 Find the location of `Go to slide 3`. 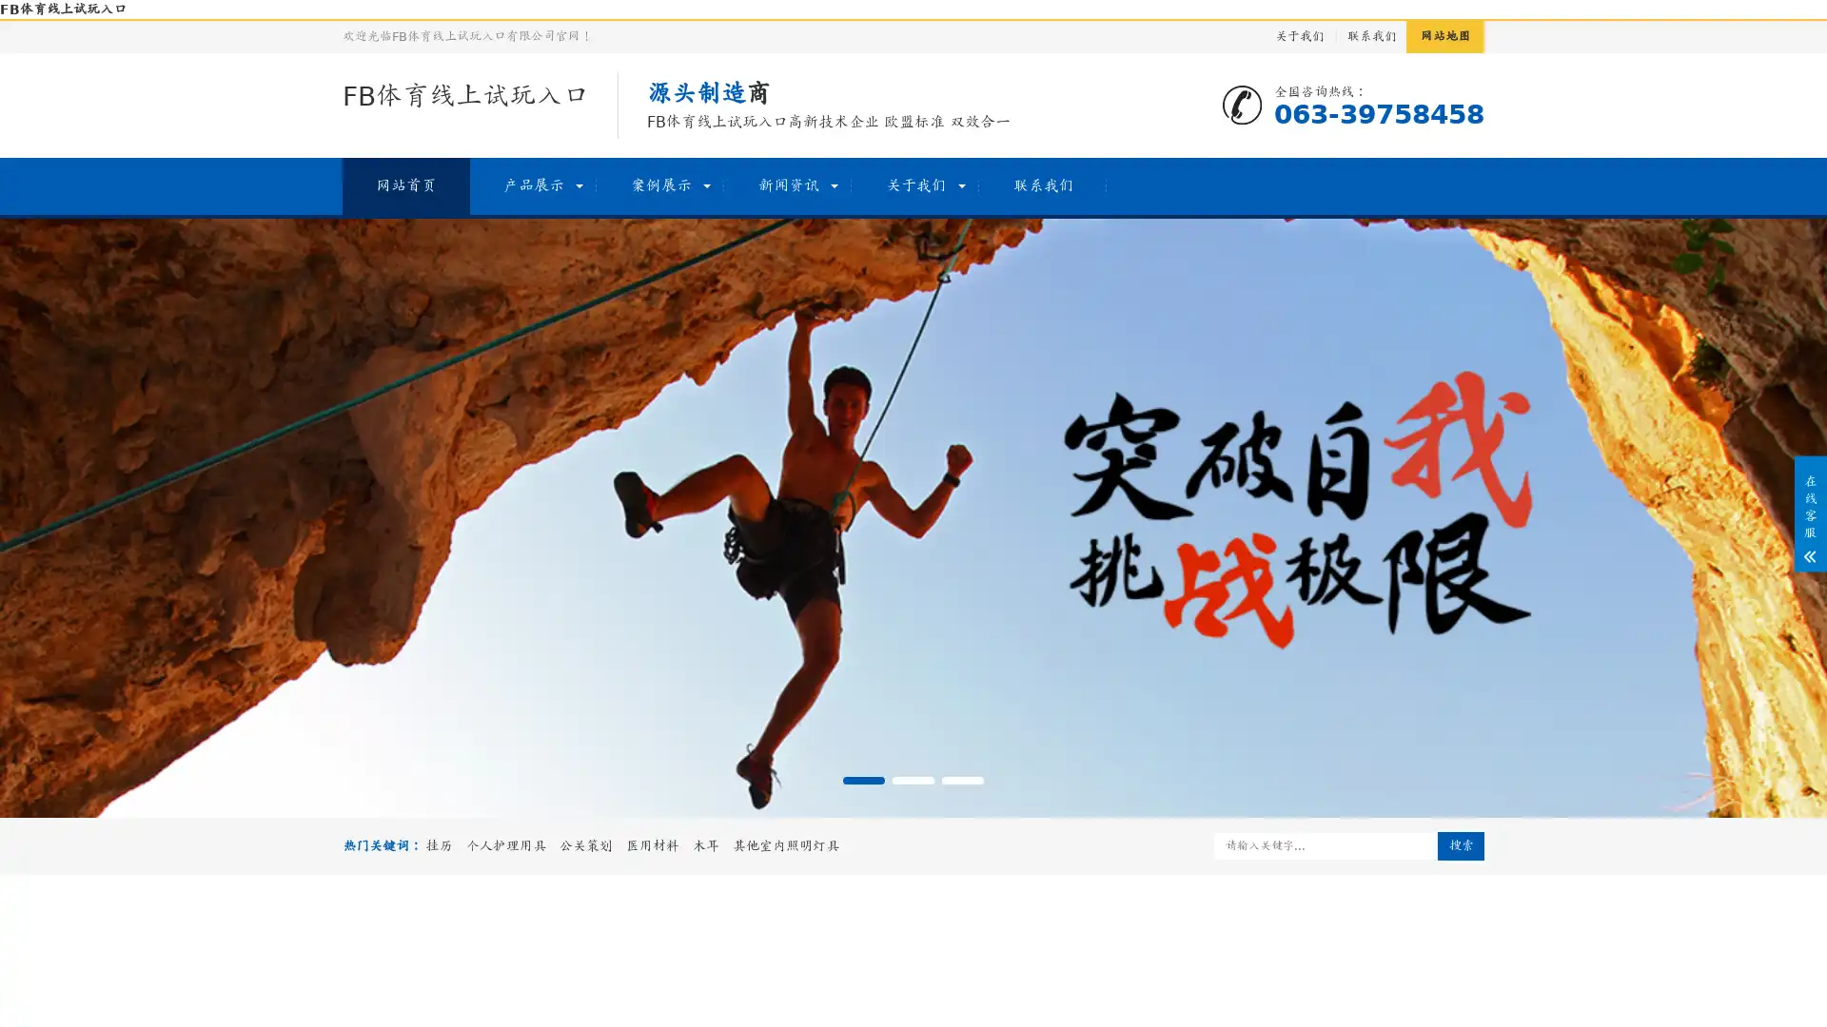

Go to slide 3 is located at coordinates (963, 781).